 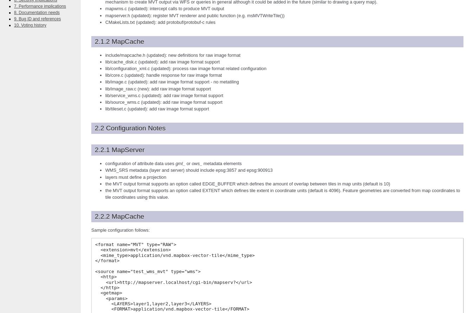 I want to click on 'lib/image_raw.c (new): add raw image format support', so click(x=158, y=88).